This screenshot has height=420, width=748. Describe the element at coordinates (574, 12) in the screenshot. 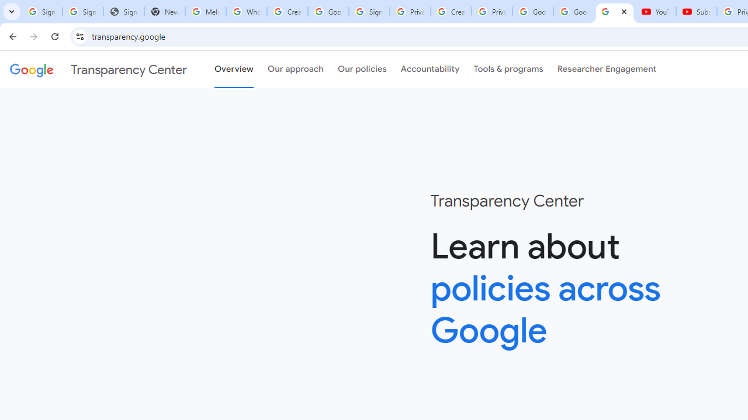

I see `'Google Account'` at that location.